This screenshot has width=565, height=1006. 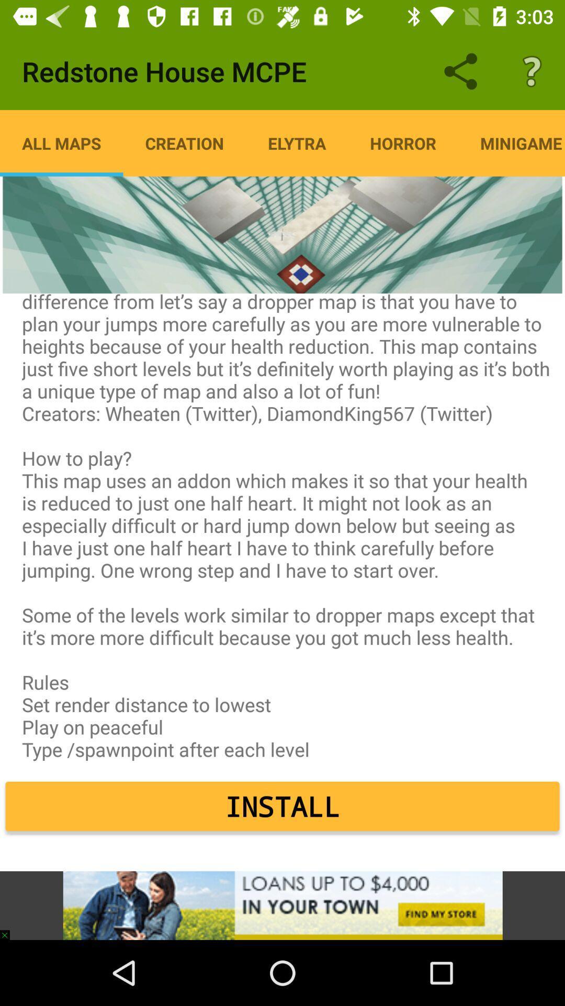 I want to click on advertisement, so click(x=282, y=905).